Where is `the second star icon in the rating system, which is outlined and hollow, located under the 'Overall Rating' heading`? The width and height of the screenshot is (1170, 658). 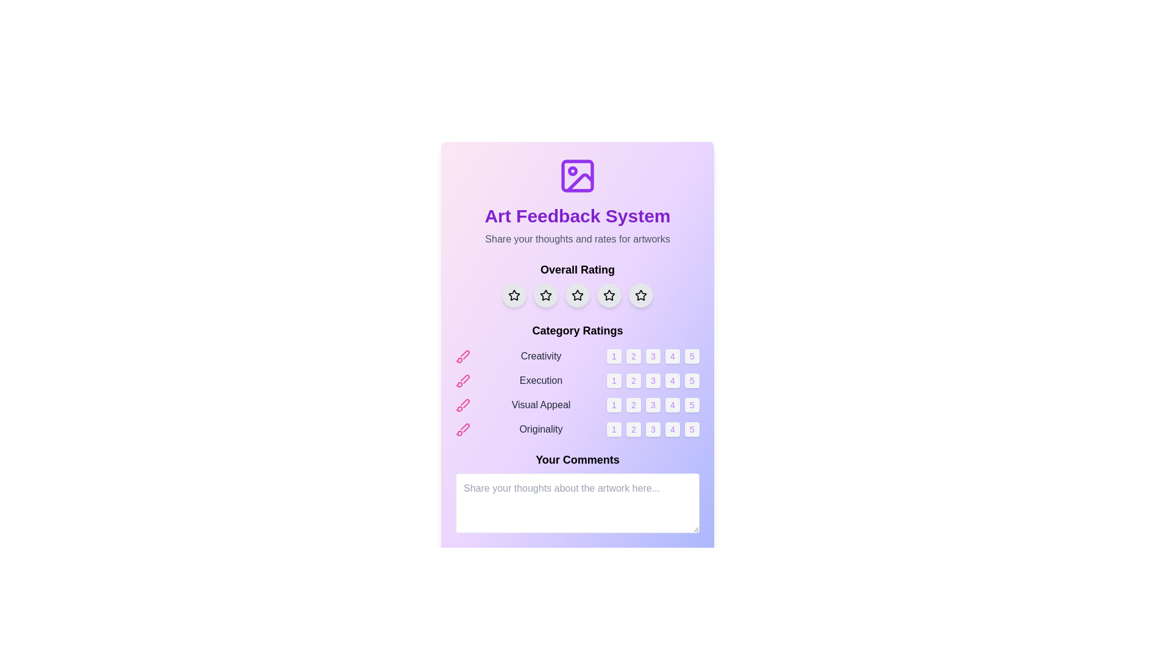
the second star icon in the rating system, which is outlined and hollow, located under the 'Overall Rating' heading is located at coordinates (545, 295).